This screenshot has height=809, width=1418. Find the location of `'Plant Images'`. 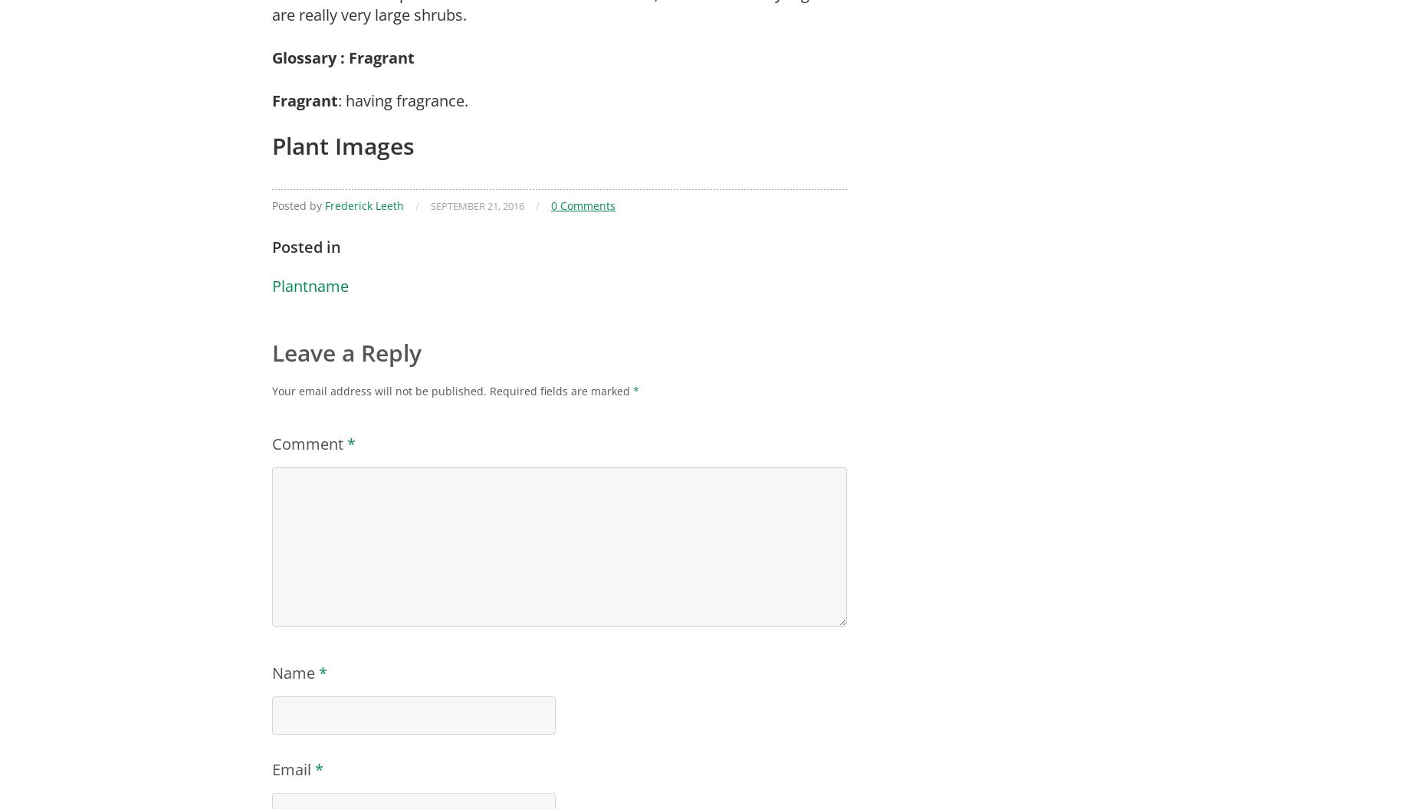

'Plant Images' is located at coordinates (343, 145).